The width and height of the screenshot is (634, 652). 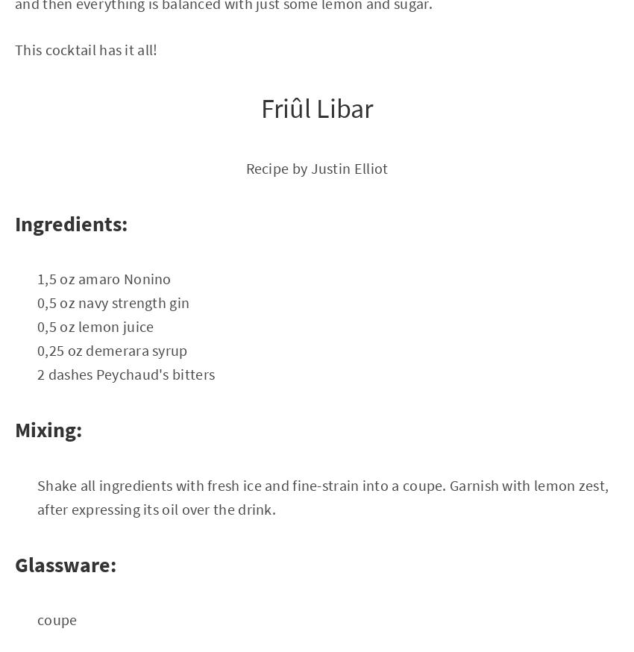 I want to click on 'Shake all ingredients with fresh ice and fine-strain into a coupe. Garnish with lemon zest, after expressing its oil over the drink.', so click(x=37, y=496).